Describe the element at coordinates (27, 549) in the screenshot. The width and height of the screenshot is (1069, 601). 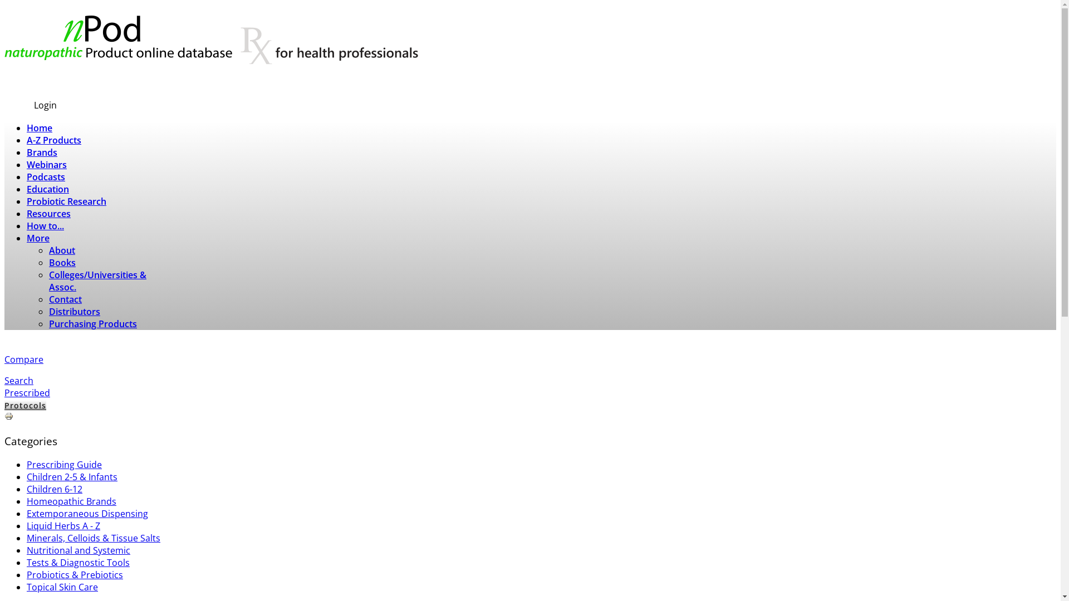
I see `'Nutritional and Systemic'` at that location.